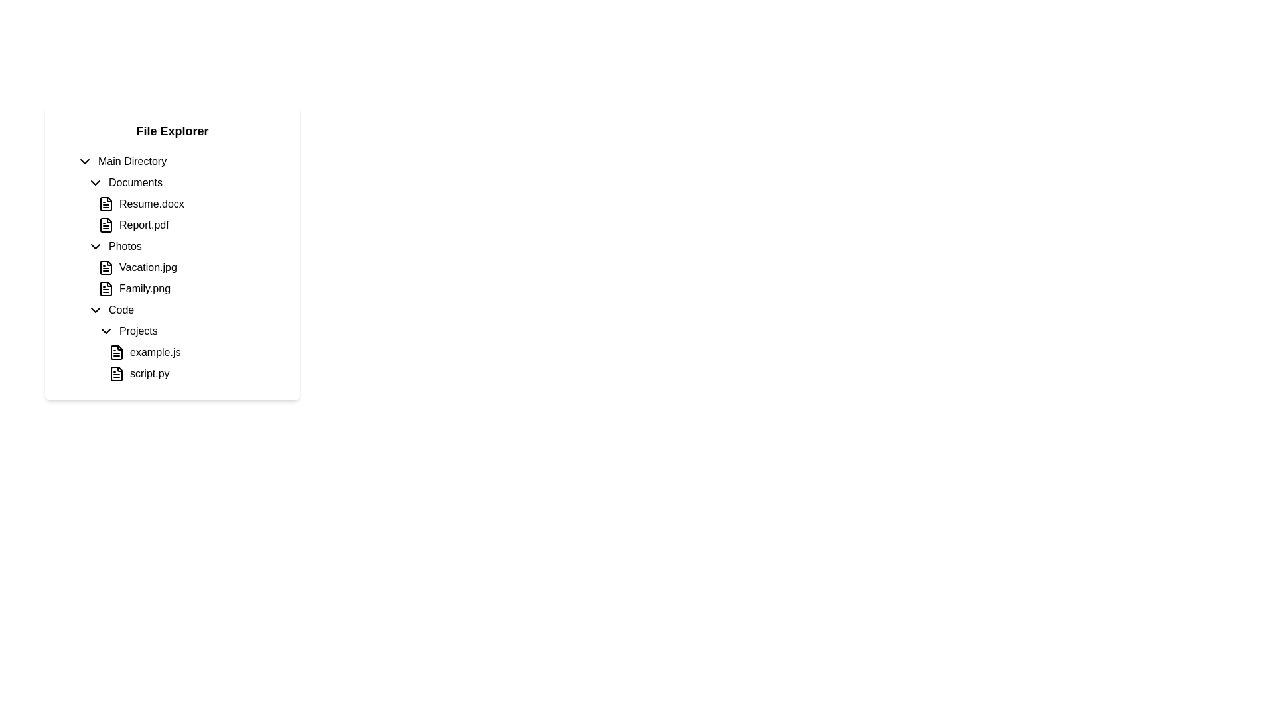 The image size is (1274, 716). Describe the element at coordinates (105, 268) in the screenshot. I see `the file icon representing a document, located to the left of 'Vacation.jpg' in the Photos section` at that location.